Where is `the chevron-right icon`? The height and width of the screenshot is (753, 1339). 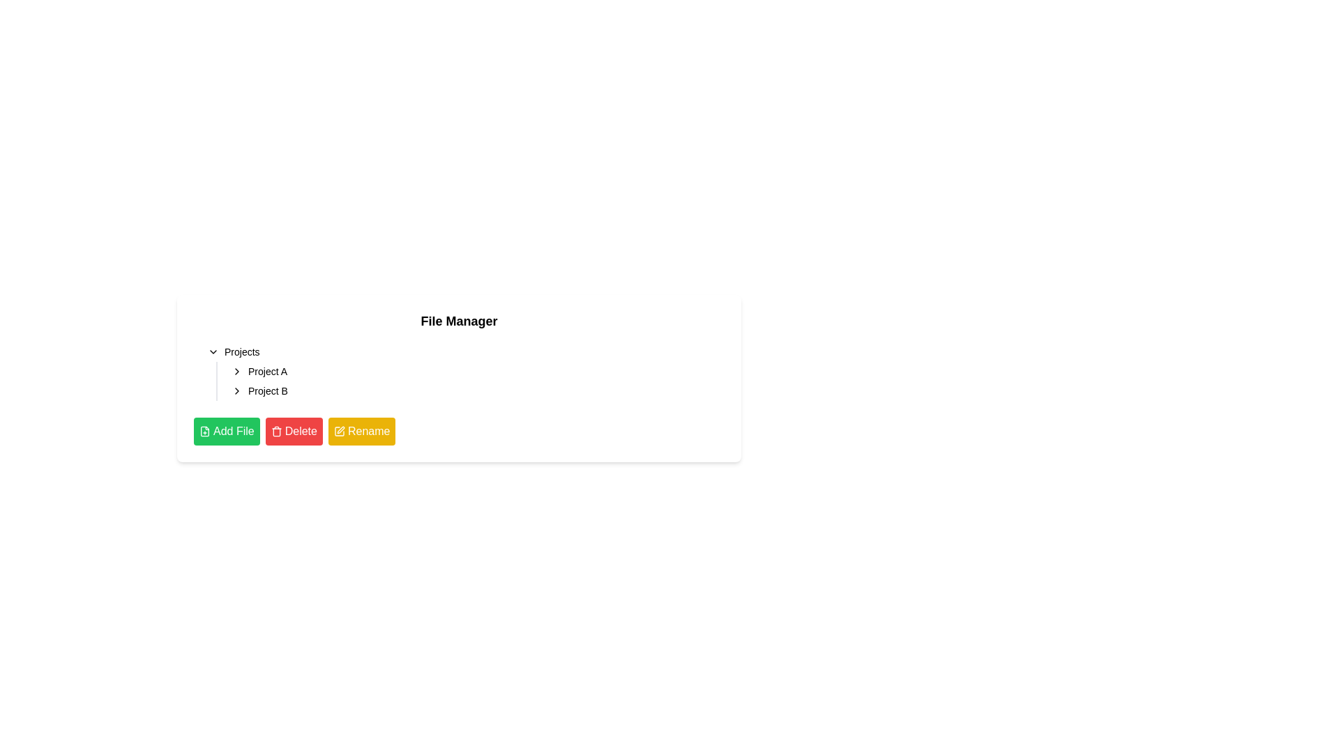
the chevron-right icon is located at coordinates (237, 390).